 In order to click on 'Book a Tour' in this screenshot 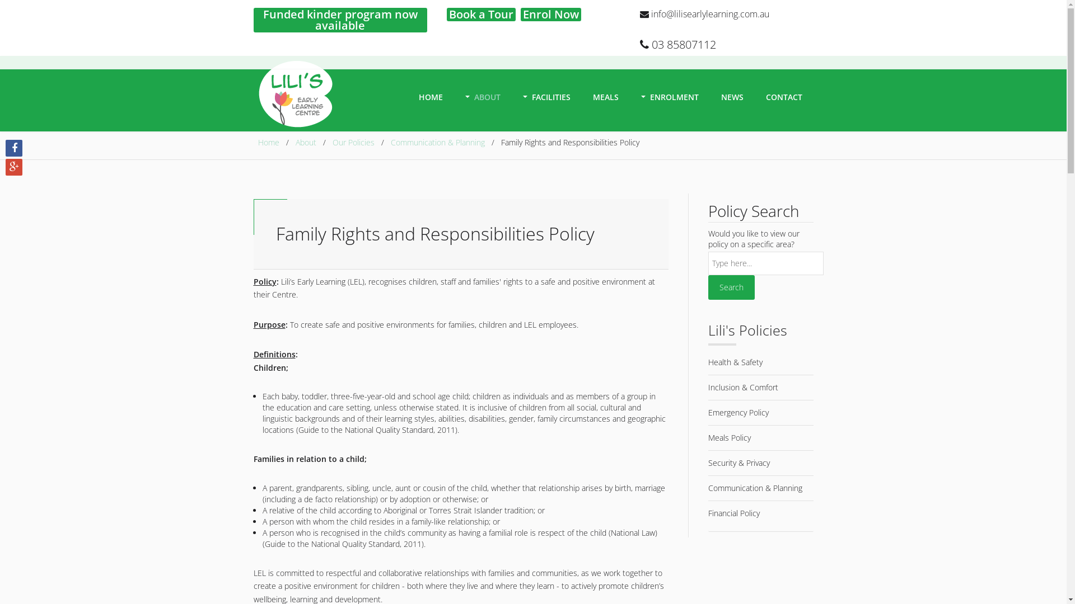, I will do `click(481, 15)`.